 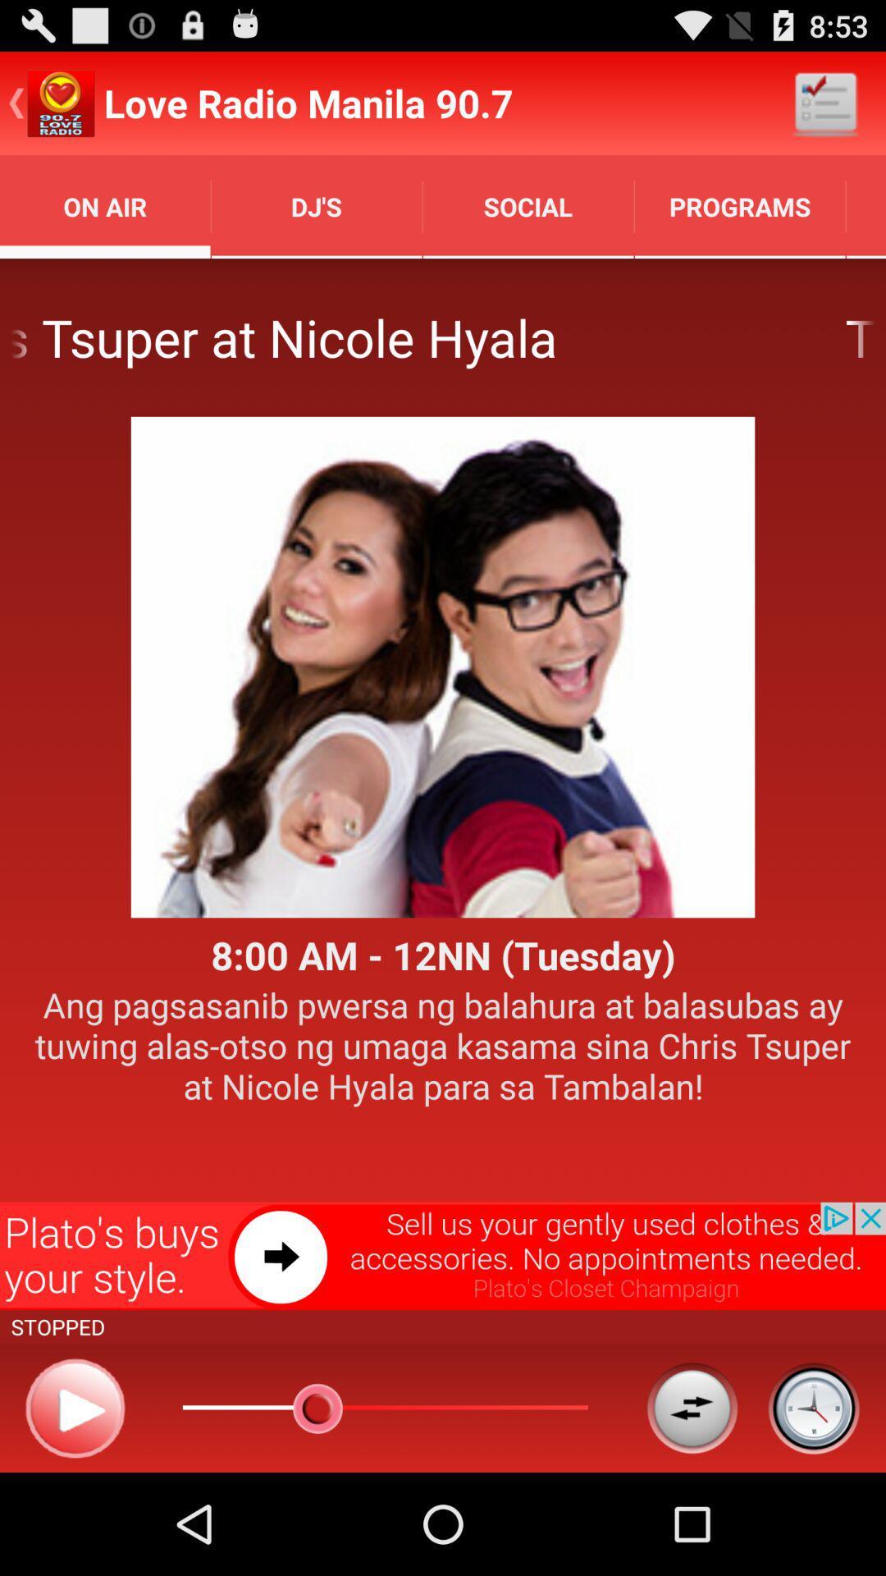 I want to click on show the hourly schedule, so click(x=813, y=1407).